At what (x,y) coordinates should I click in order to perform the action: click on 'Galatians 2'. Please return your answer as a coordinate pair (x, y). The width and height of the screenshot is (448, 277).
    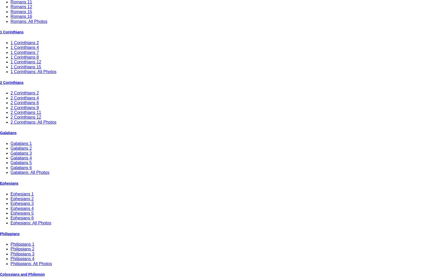
    Looking at the image, I should click on (21, 148).